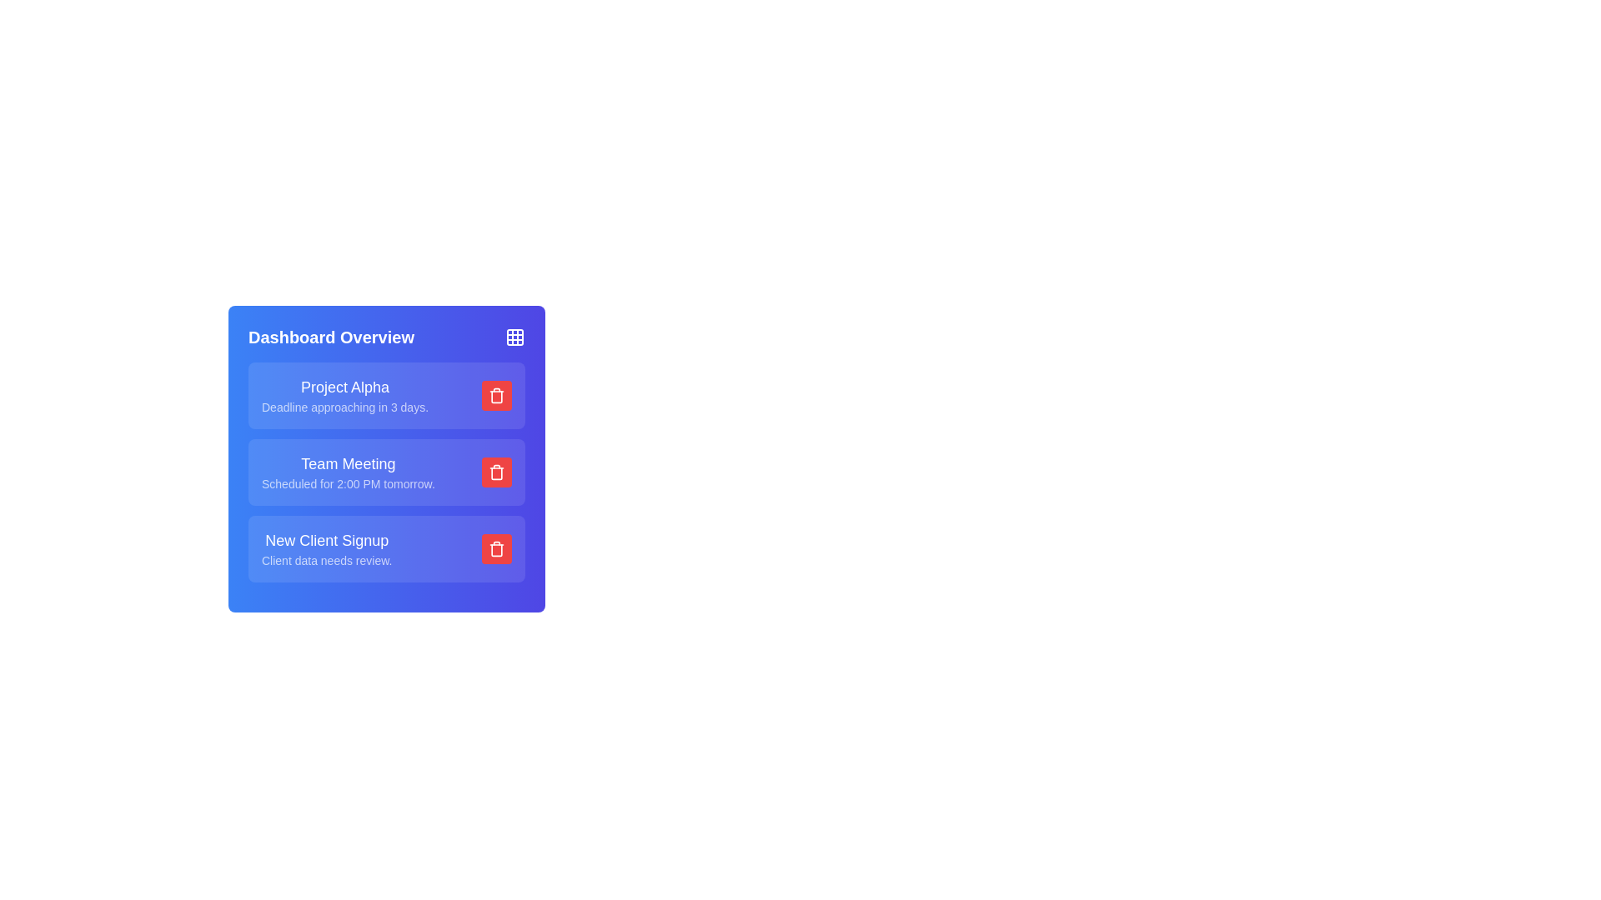  What do you see at coordinates (331, 337) in the screenshot?
I see `the bold text label "Dashboard Overview" located at the top-left corner of a blue card-like section` at bounding box center [331, 337].